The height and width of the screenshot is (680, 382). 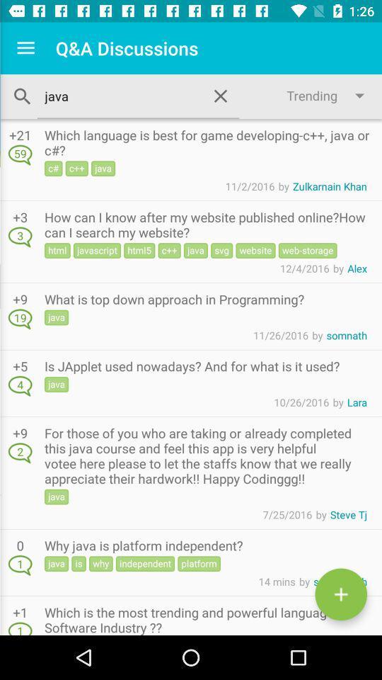 What do you see at coordinates (22, 96) in the screenshot?
I see `search button on page` at bounding box center [22, 96].